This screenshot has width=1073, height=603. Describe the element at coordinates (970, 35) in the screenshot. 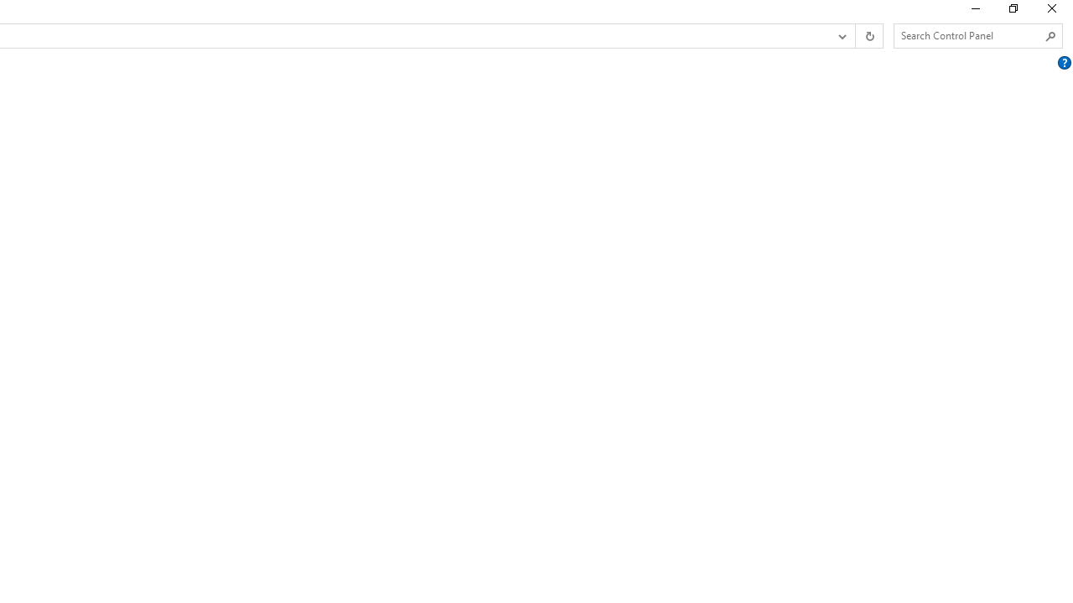

I see `'Search Box'` at that location.